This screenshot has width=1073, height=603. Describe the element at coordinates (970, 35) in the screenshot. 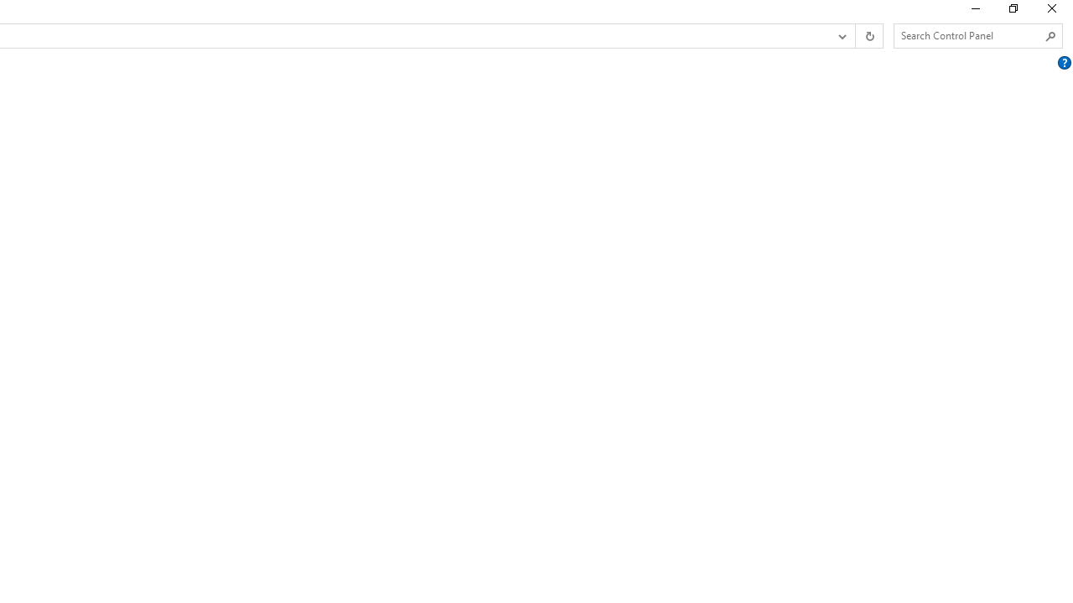

I see `'Search Box'` at that location.